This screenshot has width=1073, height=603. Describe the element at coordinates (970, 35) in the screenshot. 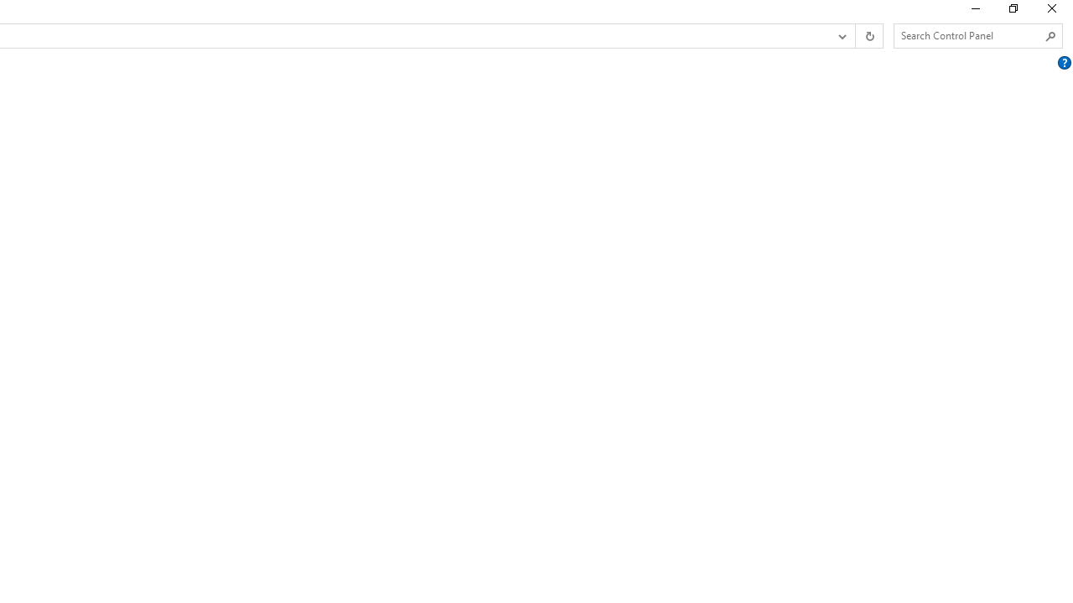

I see `'Search Box'` at that location.